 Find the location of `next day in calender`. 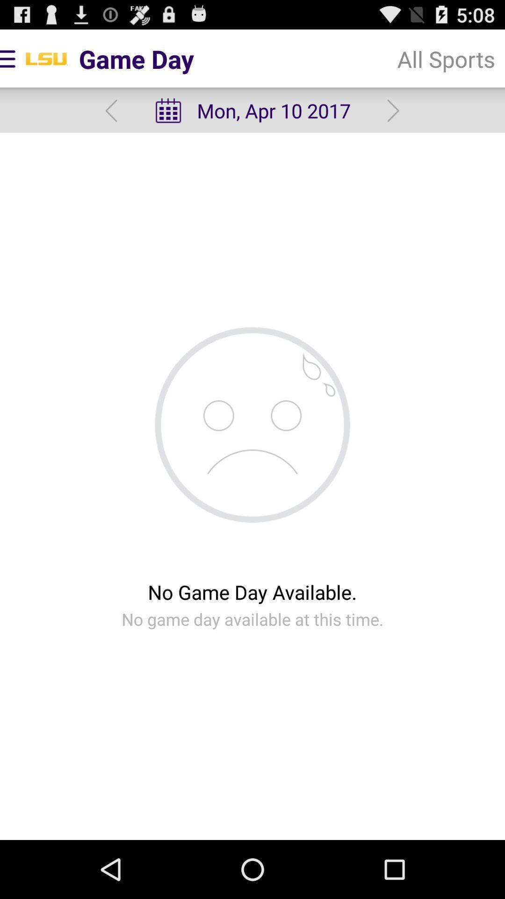

next day in calender is located at coordinates (393, 111).